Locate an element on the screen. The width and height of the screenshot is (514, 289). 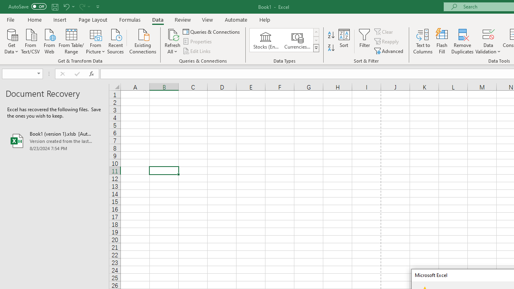
'From Table/Range' is located at coordinates (71, 41).